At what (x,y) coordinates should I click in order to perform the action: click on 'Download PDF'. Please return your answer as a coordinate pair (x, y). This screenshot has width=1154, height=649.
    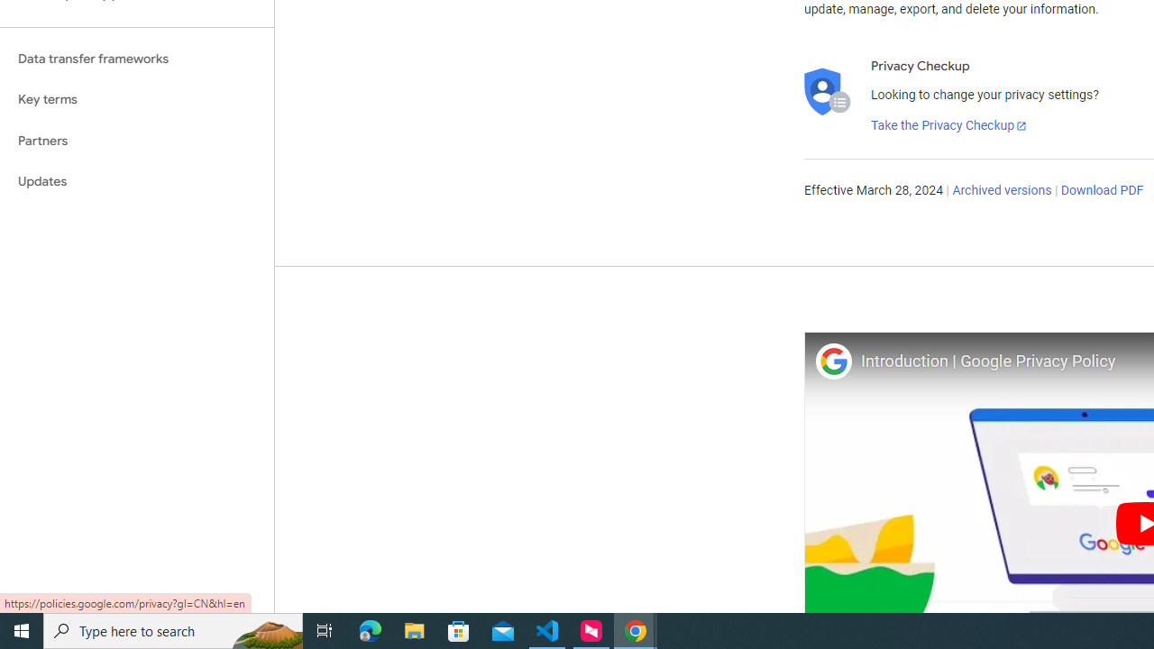
    Looking at the image, I should click on (1101, 191).